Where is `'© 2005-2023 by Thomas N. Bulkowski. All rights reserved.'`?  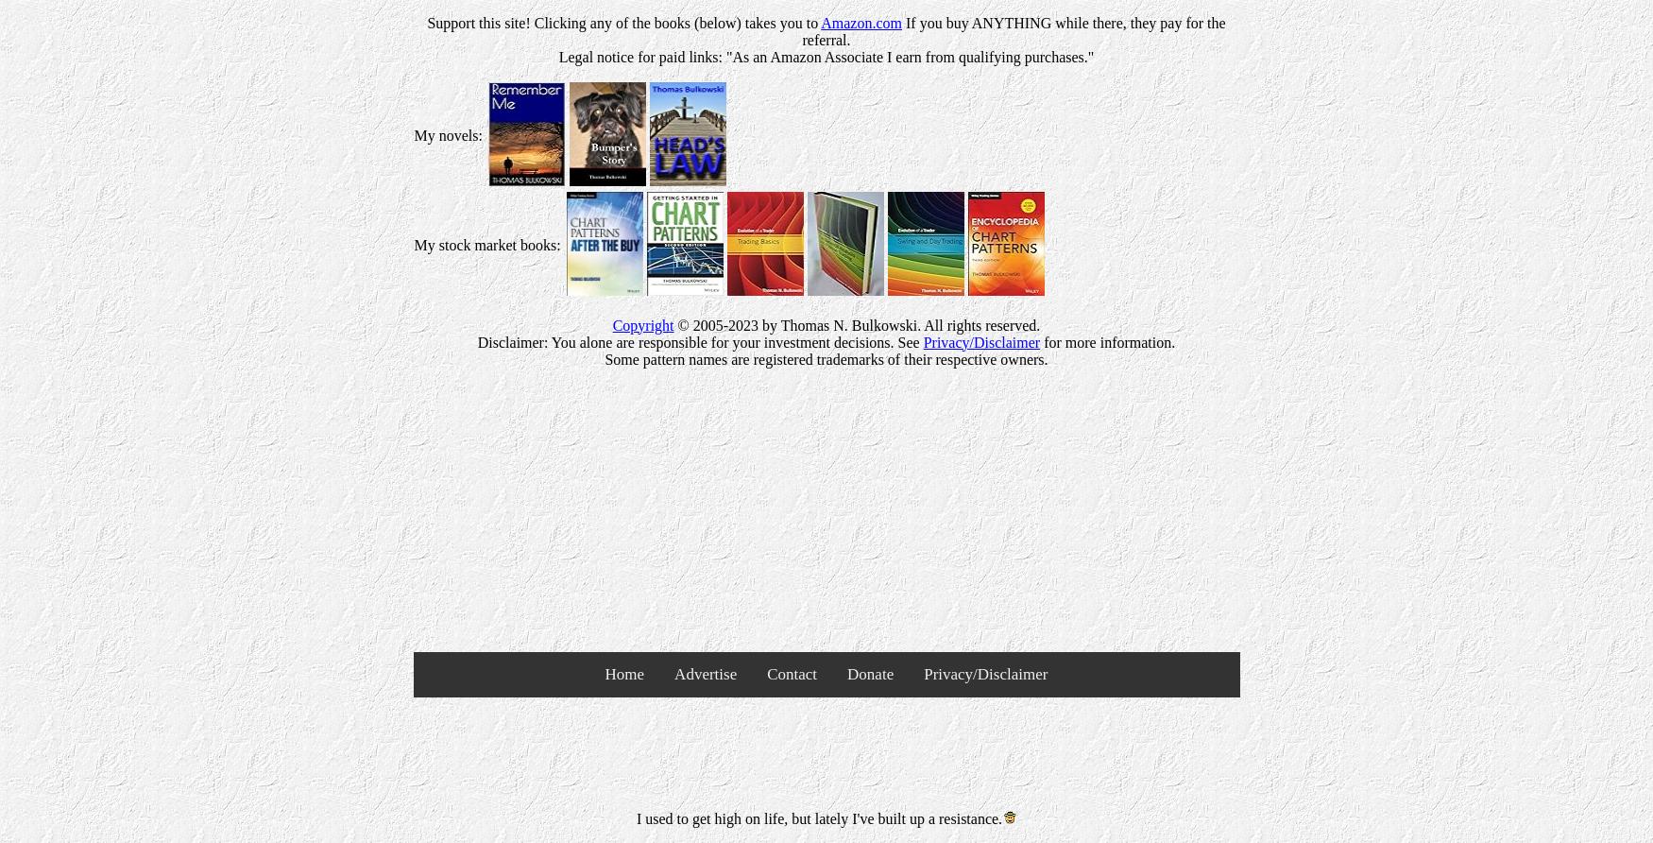
'© 2005-2023 by Thomas N. Bulkowski. All rights reserved.' is located at coordinates (856, 323).